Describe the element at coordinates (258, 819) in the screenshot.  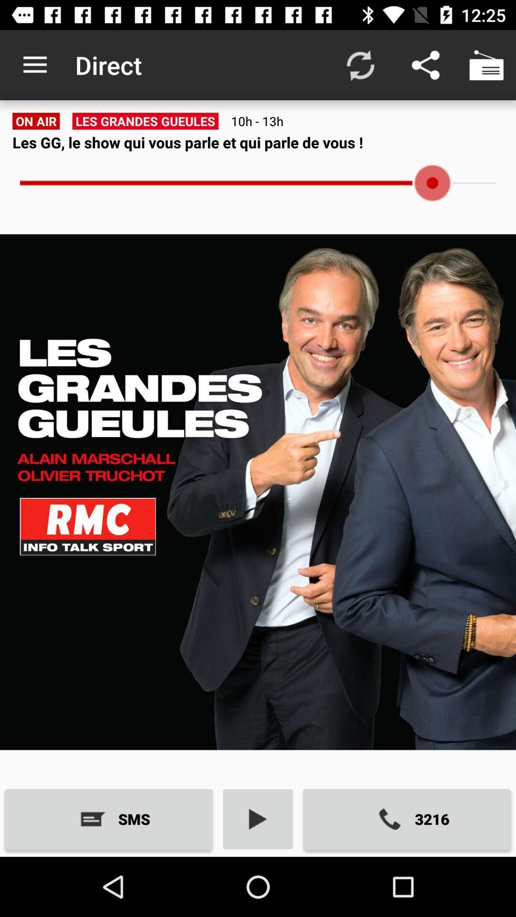
I see `the play icon` at that location.